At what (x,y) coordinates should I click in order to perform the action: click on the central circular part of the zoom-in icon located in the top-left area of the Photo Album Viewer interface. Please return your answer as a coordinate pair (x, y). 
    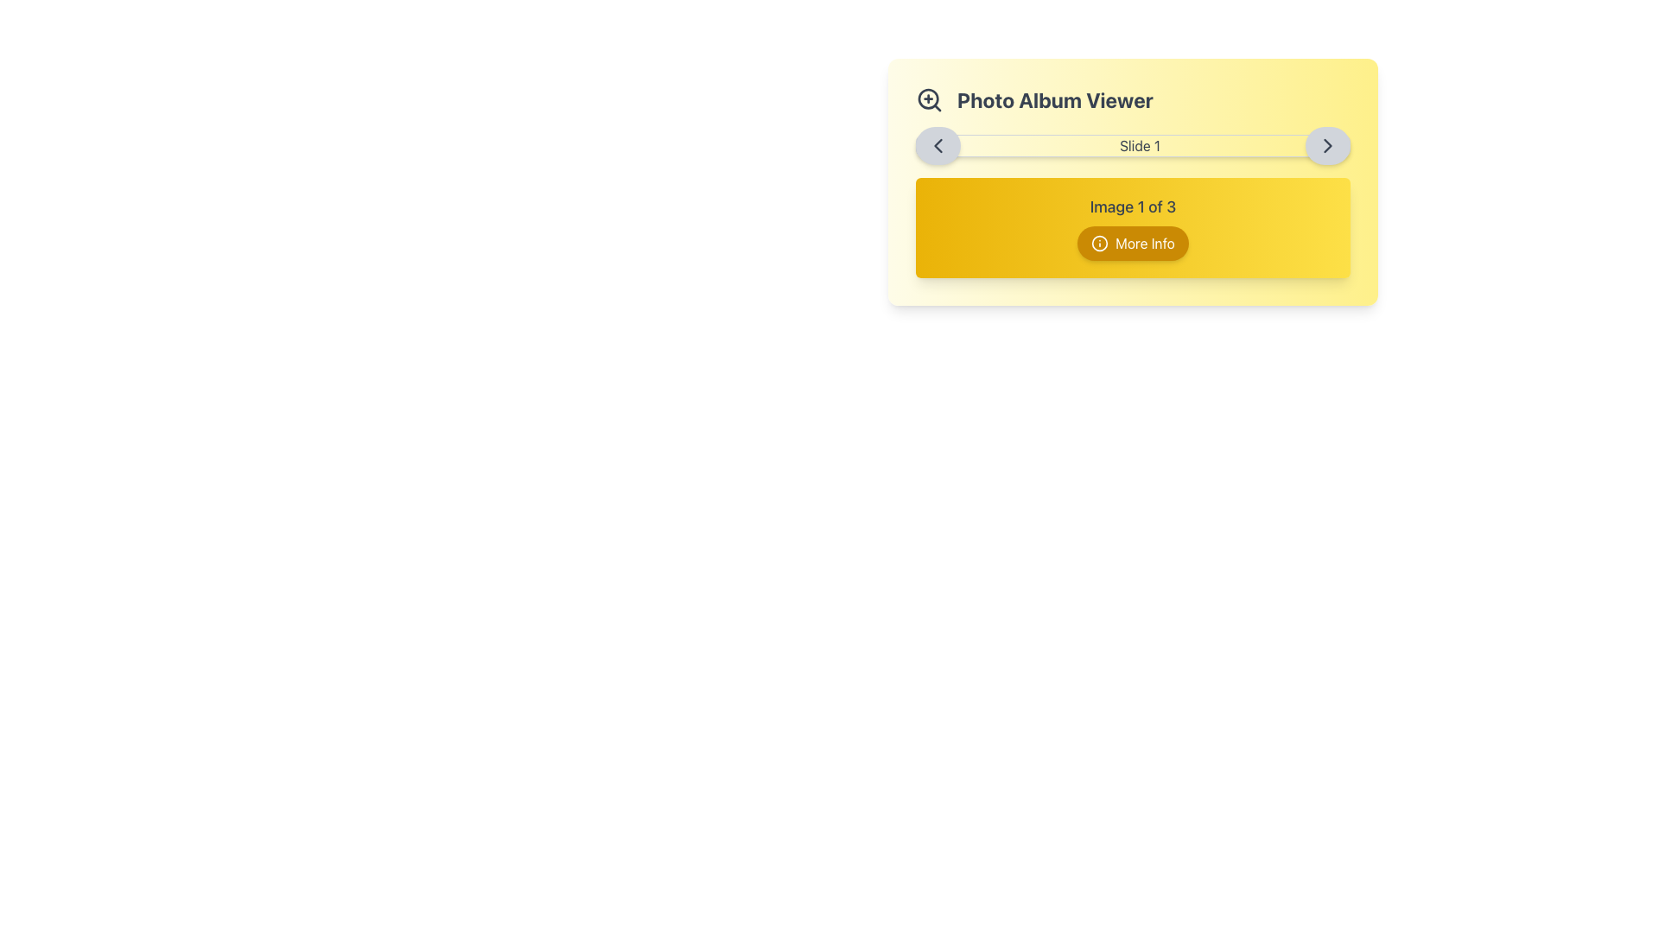
    Looking at the image, I should click on (927, 98).